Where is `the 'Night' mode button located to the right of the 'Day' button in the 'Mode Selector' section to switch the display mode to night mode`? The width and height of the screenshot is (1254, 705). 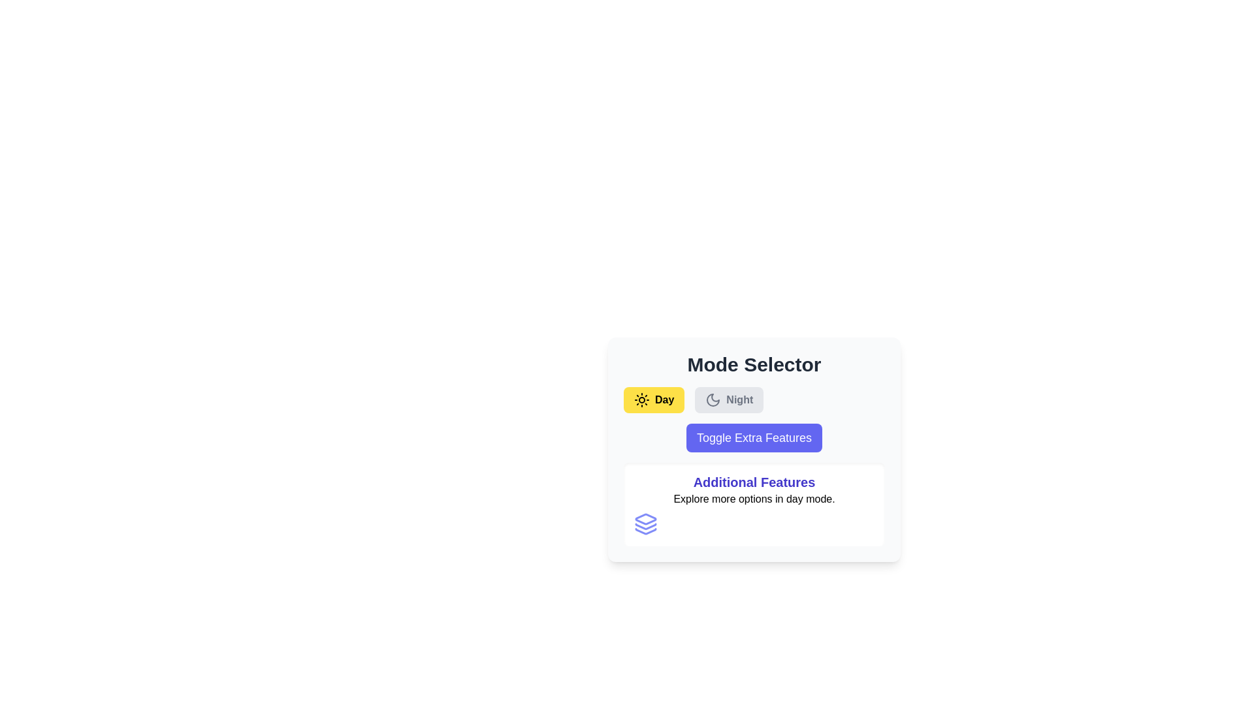 the 'Night' mode button located to the right of the 'Day' button in the 'Mode Selector' section to switch the display mode to night mode is located at coordinates (728, 399).